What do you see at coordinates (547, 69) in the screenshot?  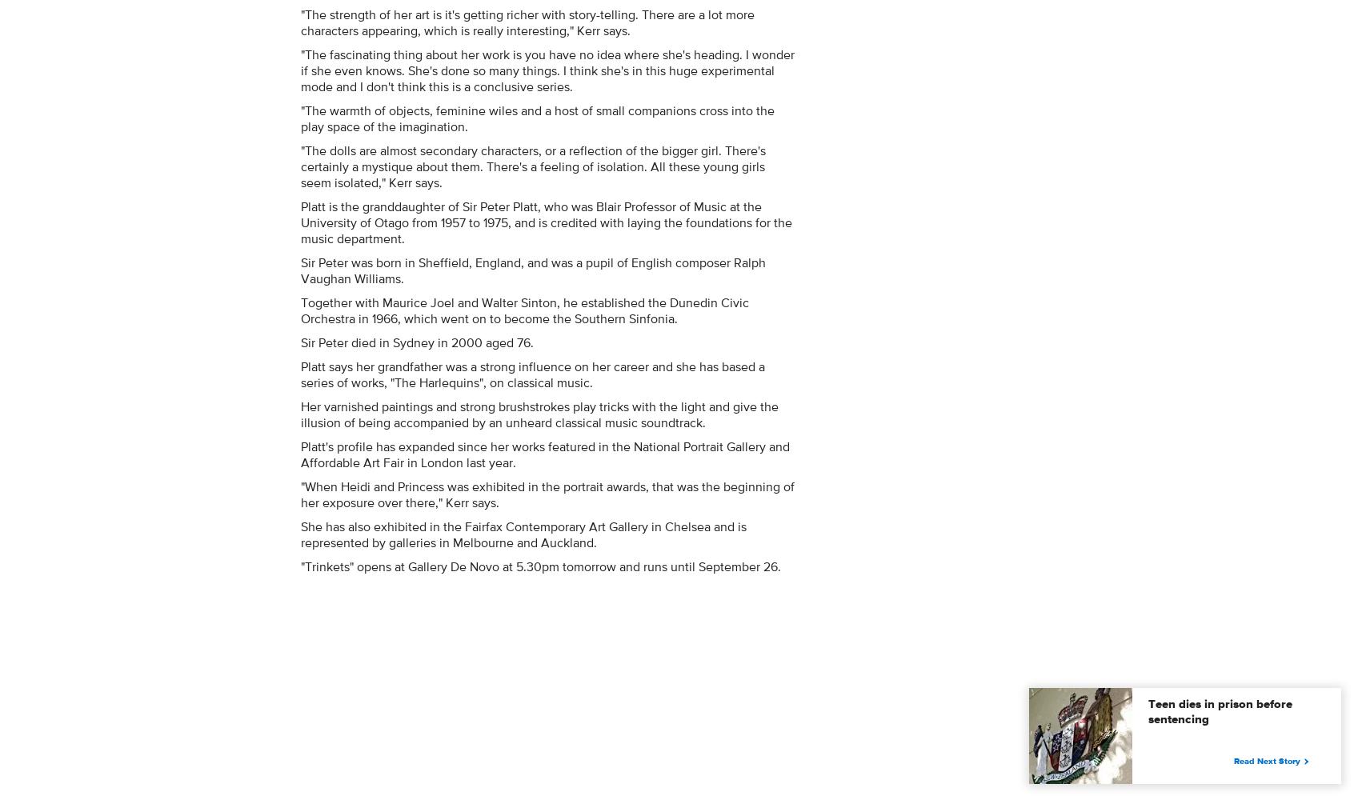 I see `'"The fascinating thing about her work is you have no idea where she's heading. I wonder if she even knows. She's done so many things. I think she's in this huge experimental mode and I don't think this is a conclusive series.'` at bounding box center [547, 69].